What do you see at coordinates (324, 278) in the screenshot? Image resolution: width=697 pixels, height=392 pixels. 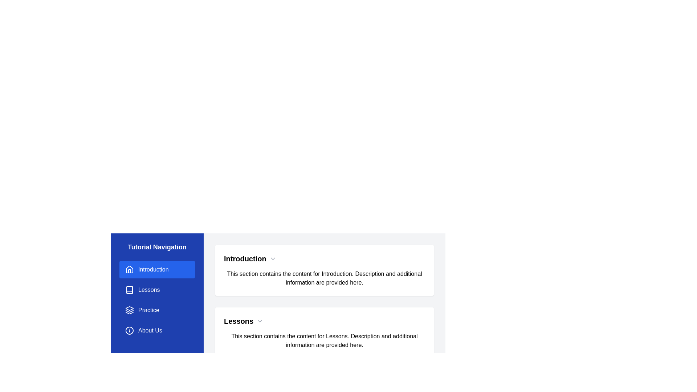 I see `descriptive text block located below the 'Introduction' heading in the Introduction section of the interface` at bounding box center [324, 278].